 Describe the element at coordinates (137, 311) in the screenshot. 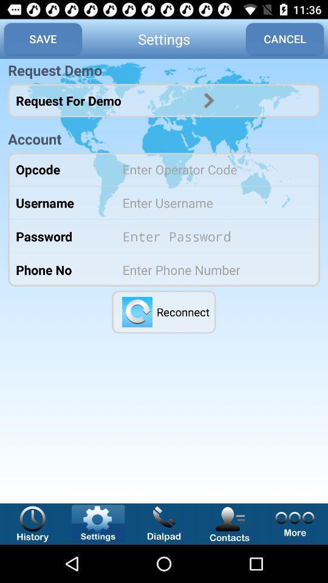

I see `reopened the applications and reconnected to the internet` at that location.